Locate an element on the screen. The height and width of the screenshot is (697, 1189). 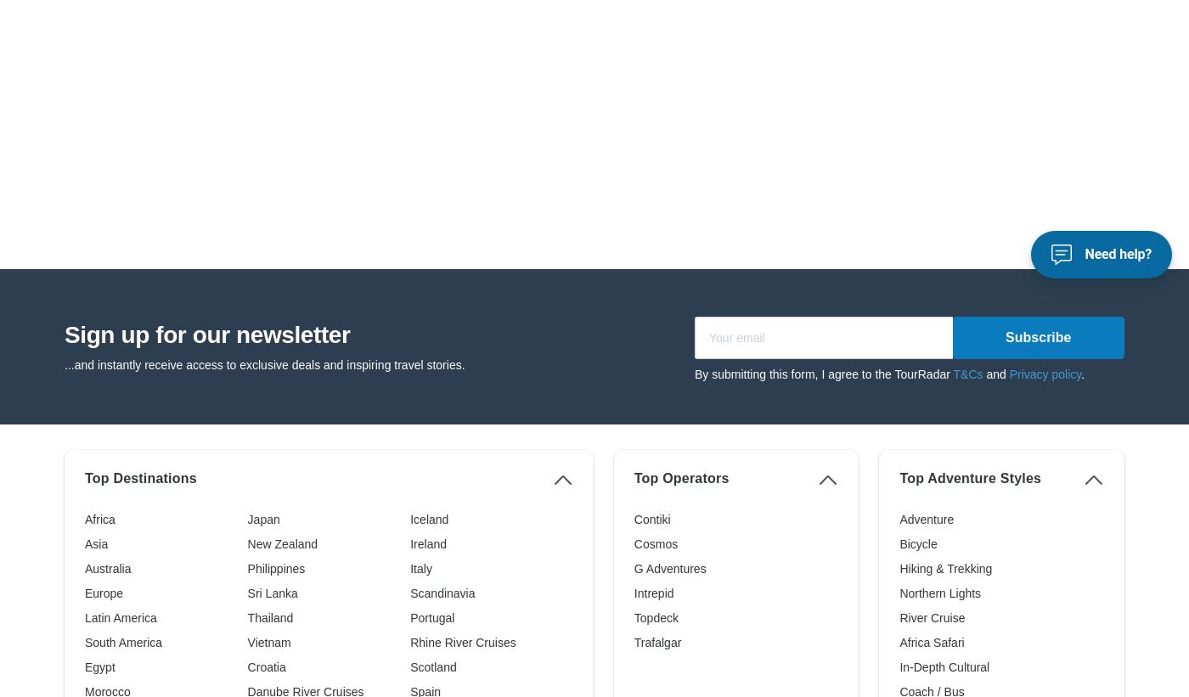
'Africa Safari' is located at coordinates (932, 368).